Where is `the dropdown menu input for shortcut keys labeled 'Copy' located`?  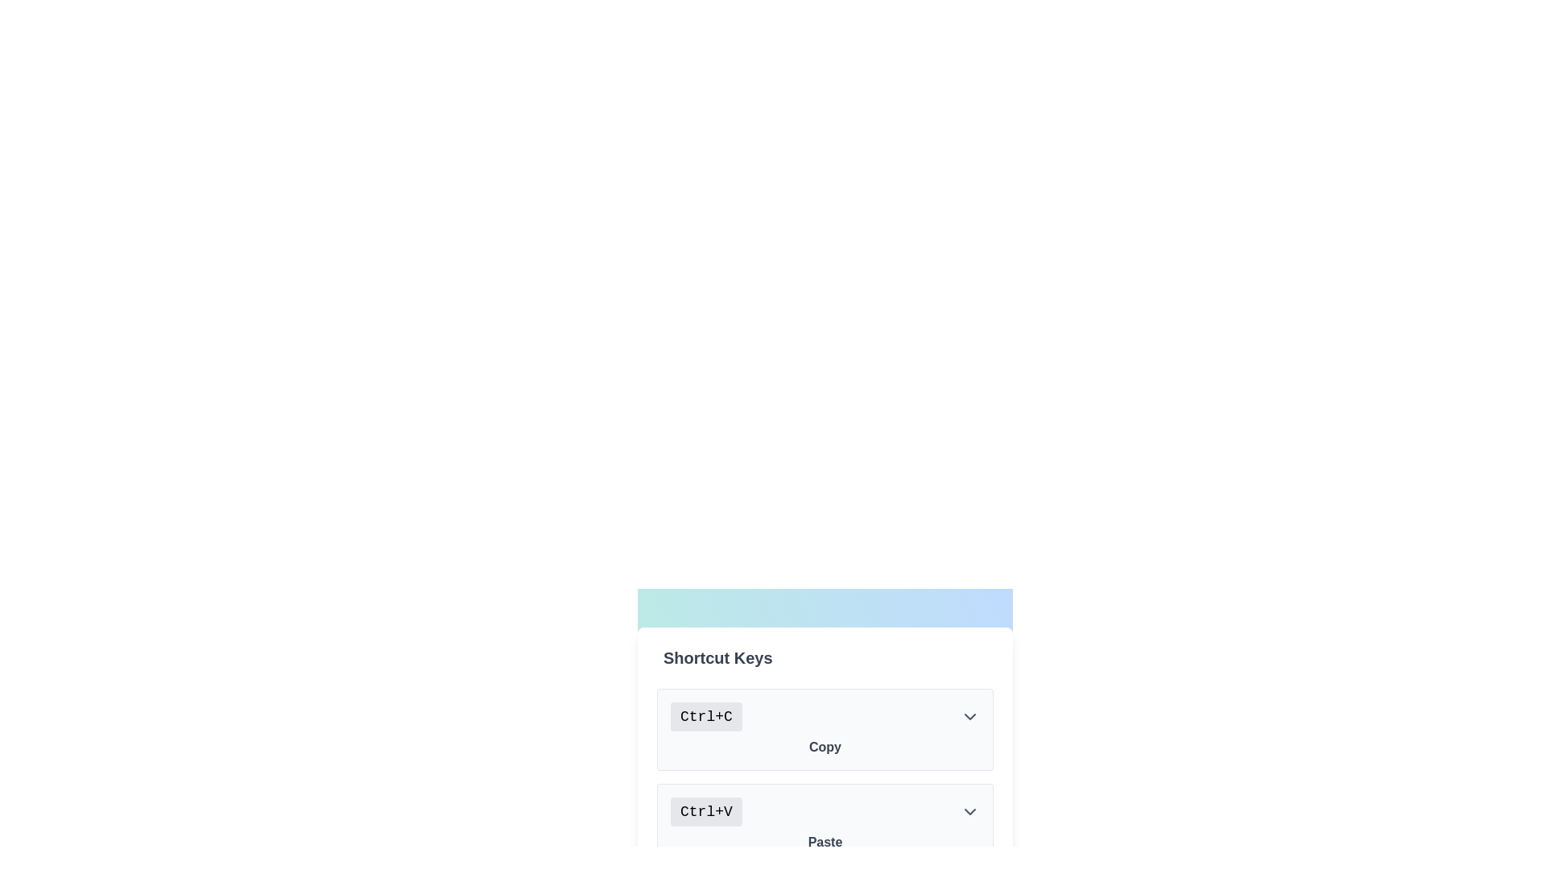 the dropdown menu input for shortcut keys labeled 'Copy' located is located at coordinates (825, 716).